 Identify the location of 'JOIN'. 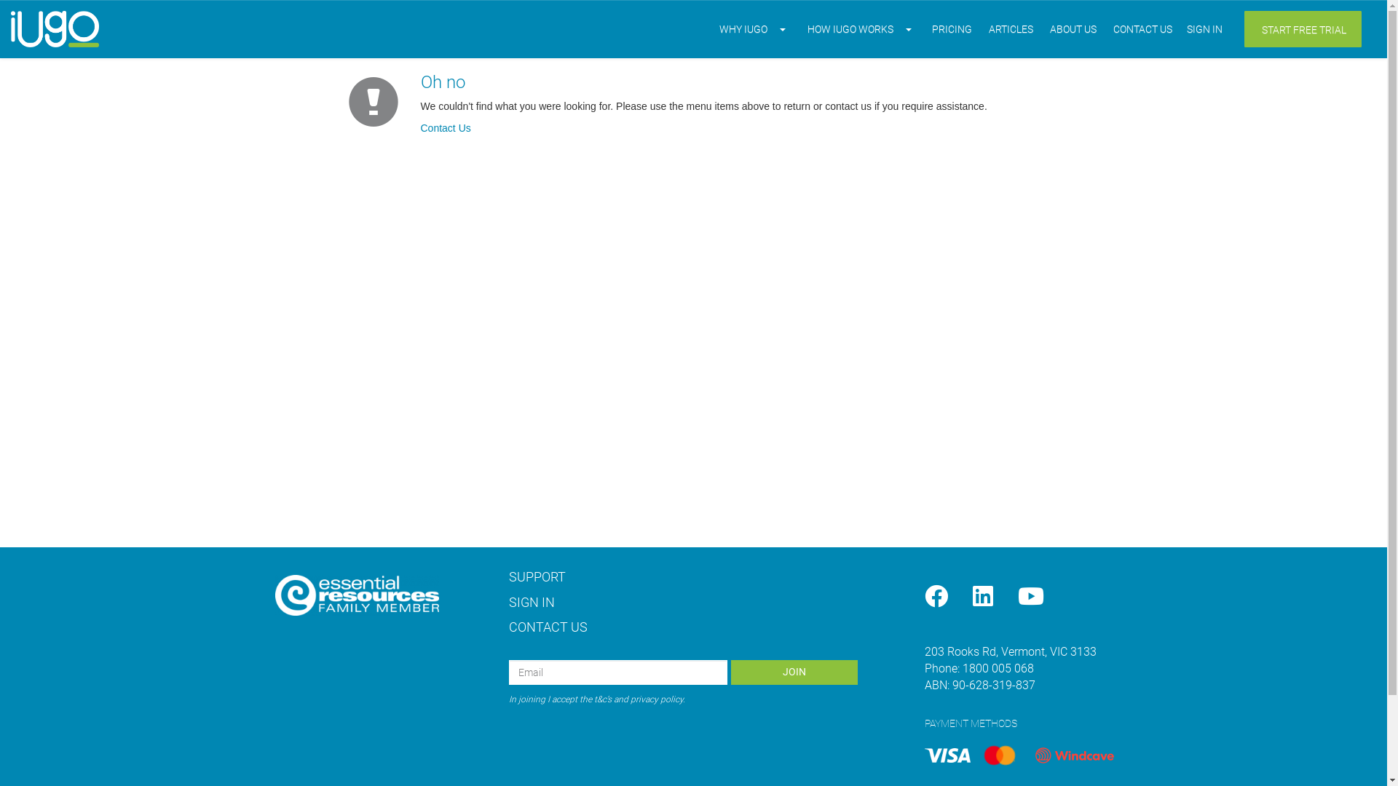
(793, 672).